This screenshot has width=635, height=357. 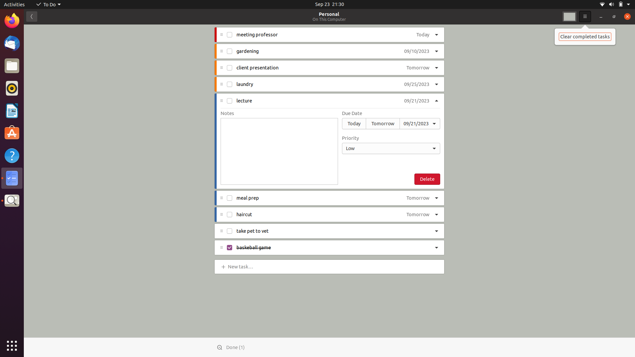 What do you see at coordinates (241, 266) in the screenshot?
I see `Add "data entry" task` at bounding box center [241, 266].